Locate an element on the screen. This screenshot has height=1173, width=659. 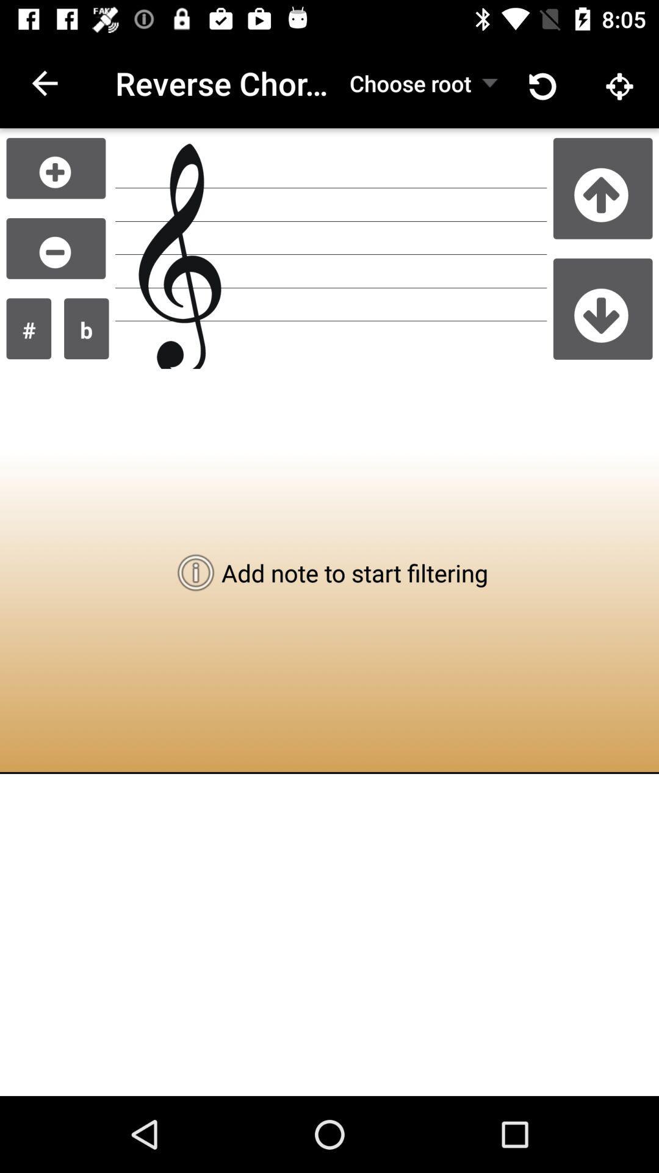
more options is located at coordinates (56, 167).